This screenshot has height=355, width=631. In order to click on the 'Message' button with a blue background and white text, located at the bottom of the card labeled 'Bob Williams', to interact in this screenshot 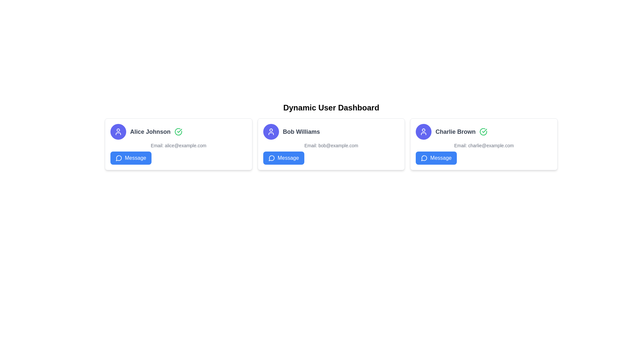, I will do `click(284, 158)`.